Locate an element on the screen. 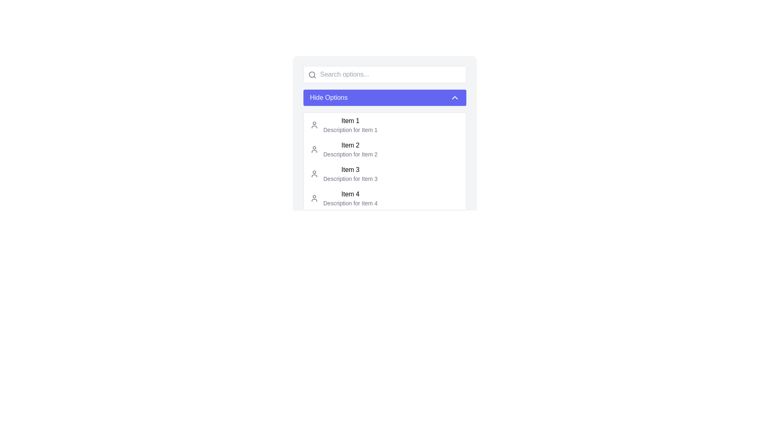 This screenshot has width=782, height=440. the text block containing 'Item 2' and 'Description for Item 2', which is the second entry in the list is located at coordinates (350, 149).